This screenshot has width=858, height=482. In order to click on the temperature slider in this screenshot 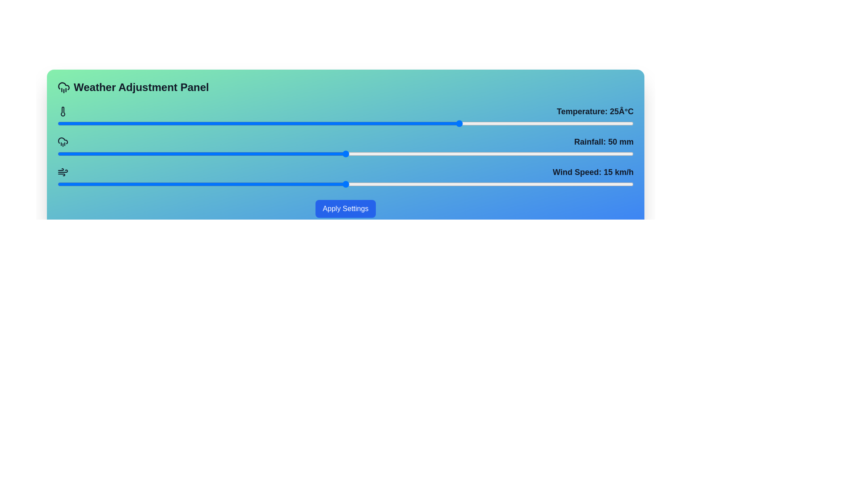, I will do `click(461, 124)`.